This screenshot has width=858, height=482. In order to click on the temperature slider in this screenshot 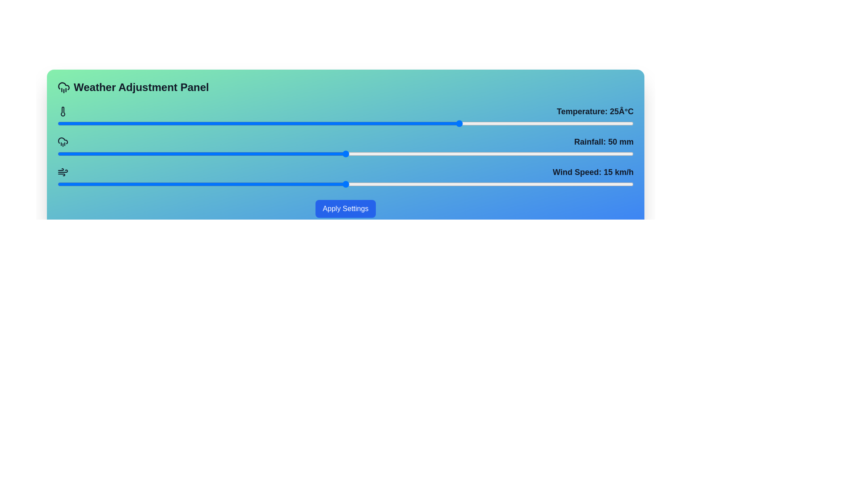, I will do `click(461, 124)`.